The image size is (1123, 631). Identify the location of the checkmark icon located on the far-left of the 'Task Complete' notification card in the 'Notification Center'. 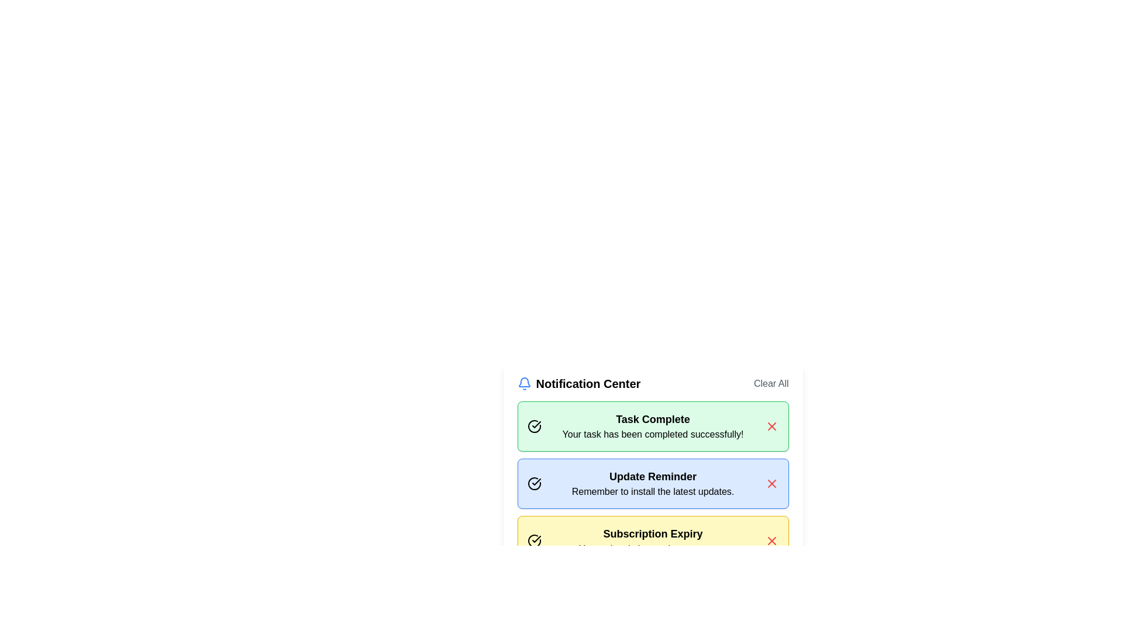
(535, 424).